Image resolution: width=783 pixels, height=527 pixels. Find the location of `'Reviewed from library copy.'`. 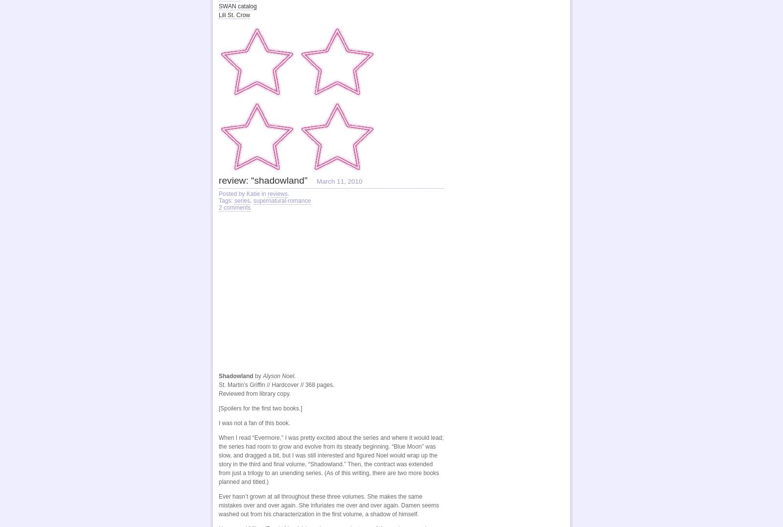

'Reviewed from library copy.' is located at coordinates (254, 393).